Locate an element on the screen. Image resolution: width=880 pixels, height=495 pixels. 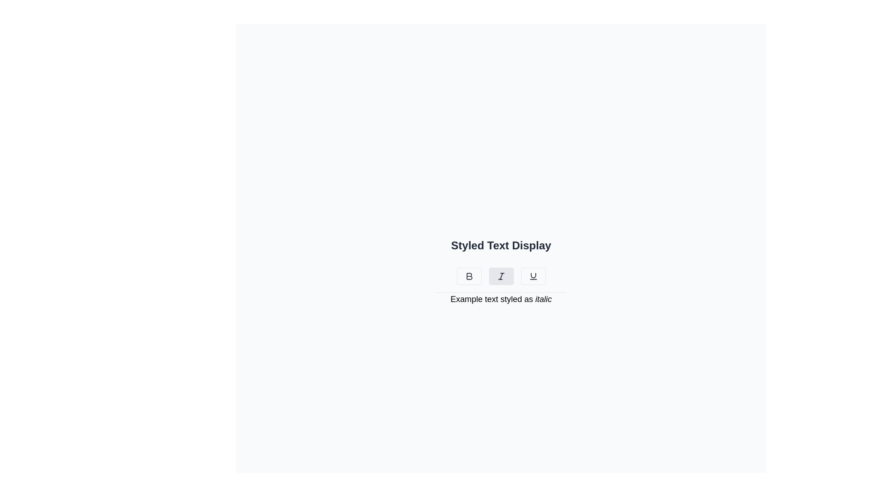
the first button in the horizontal group of three buttons located below the 'Styled Text Display' heading is located at coordinates (469, 275).